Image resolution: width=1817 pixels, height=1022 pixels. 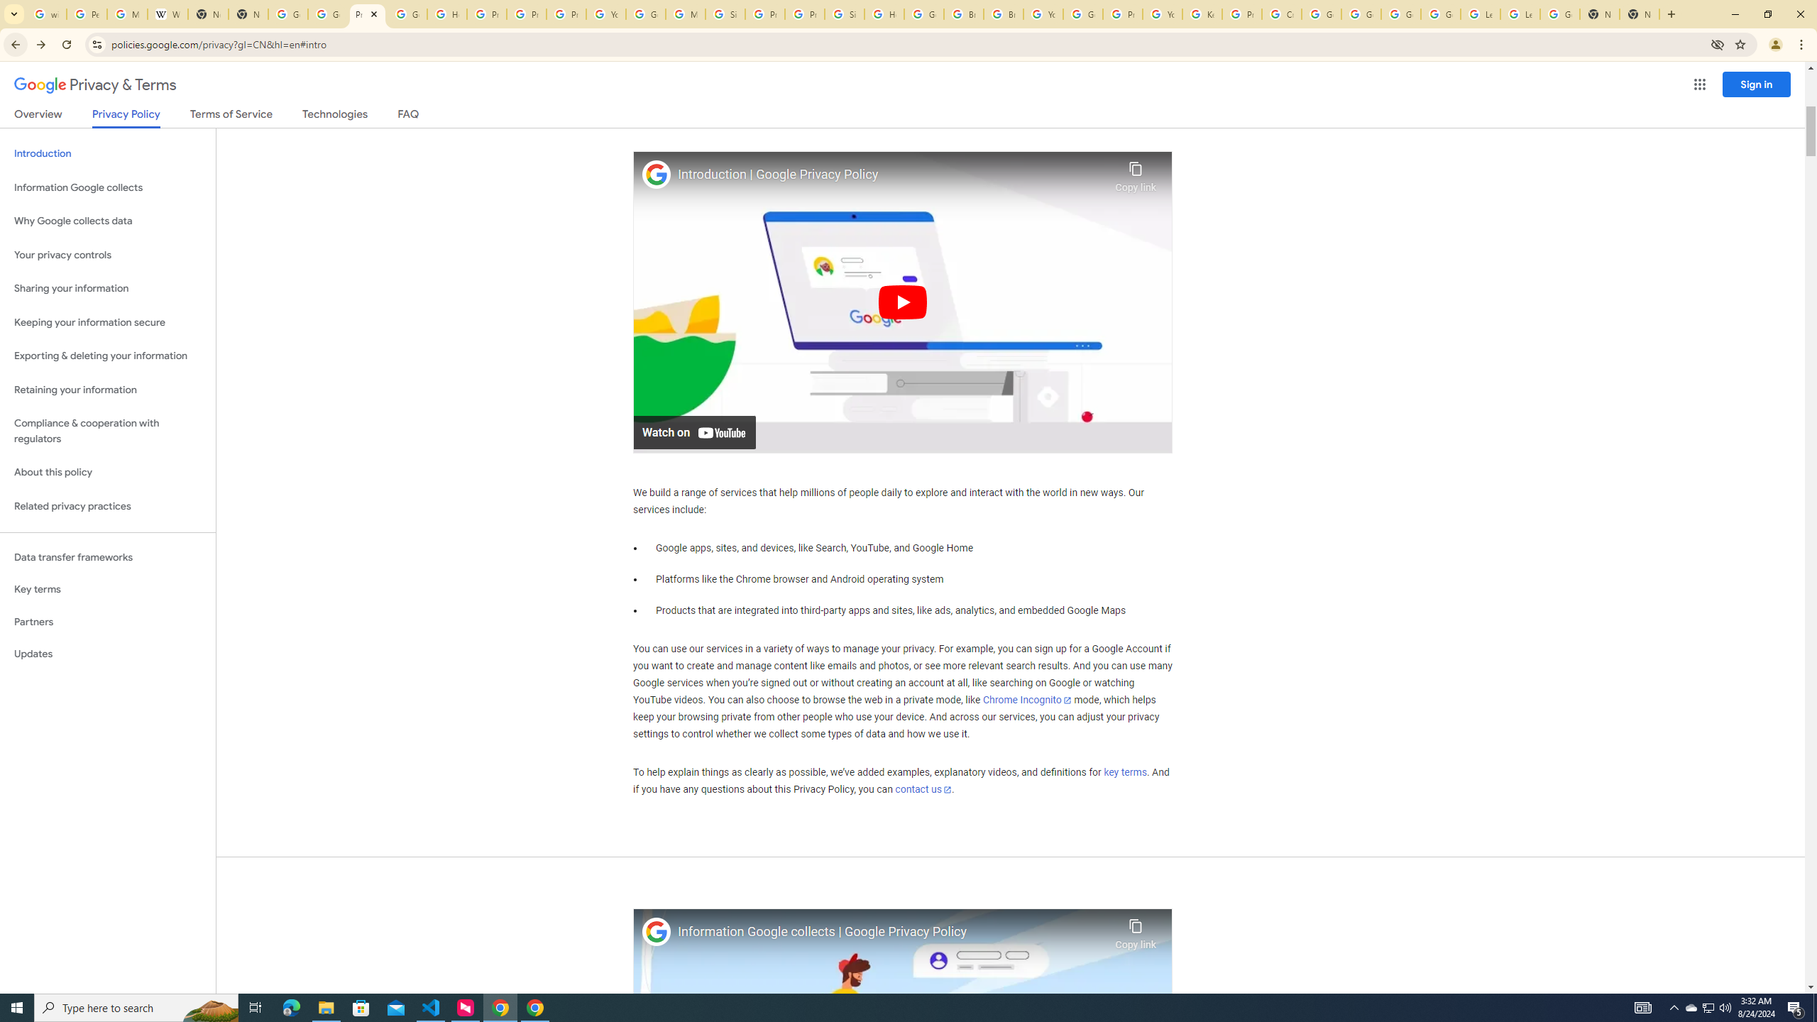 What do you see at coordinates (168, 13) in the screenshot?
I see `'Wikipedia:Edit requests - Wikipedia'` at bounding box center [168, 13].